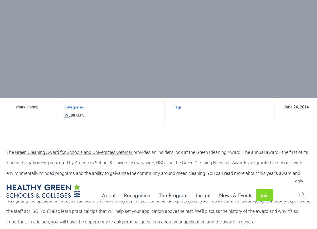 The width and height of the screenshot is (317, 229). Describe the element at coordinates (290, 211) in the screenshot. I see `'Terms of Use'` at that location.